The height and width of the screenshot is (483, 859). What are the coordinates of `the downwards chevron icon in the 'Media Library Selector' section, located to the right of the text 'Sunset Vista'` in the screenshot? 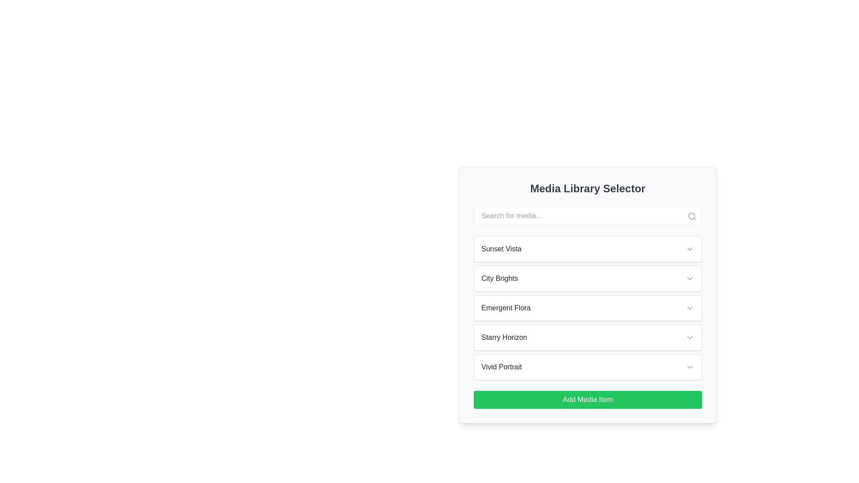 It's located at (689, 249).